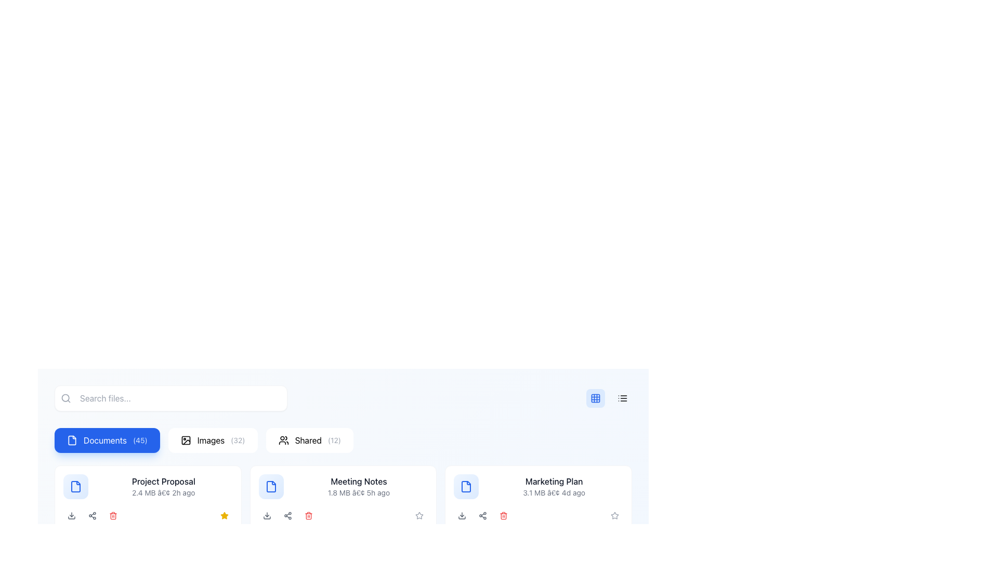 The width and height of the screenshot is (998, 561). What do you see at coordinates (107, 440) in the screenshot?
I see `the first button in the horizontal group that navigates to the documents section for keyboard interaction` at bounding box center [107, 440].